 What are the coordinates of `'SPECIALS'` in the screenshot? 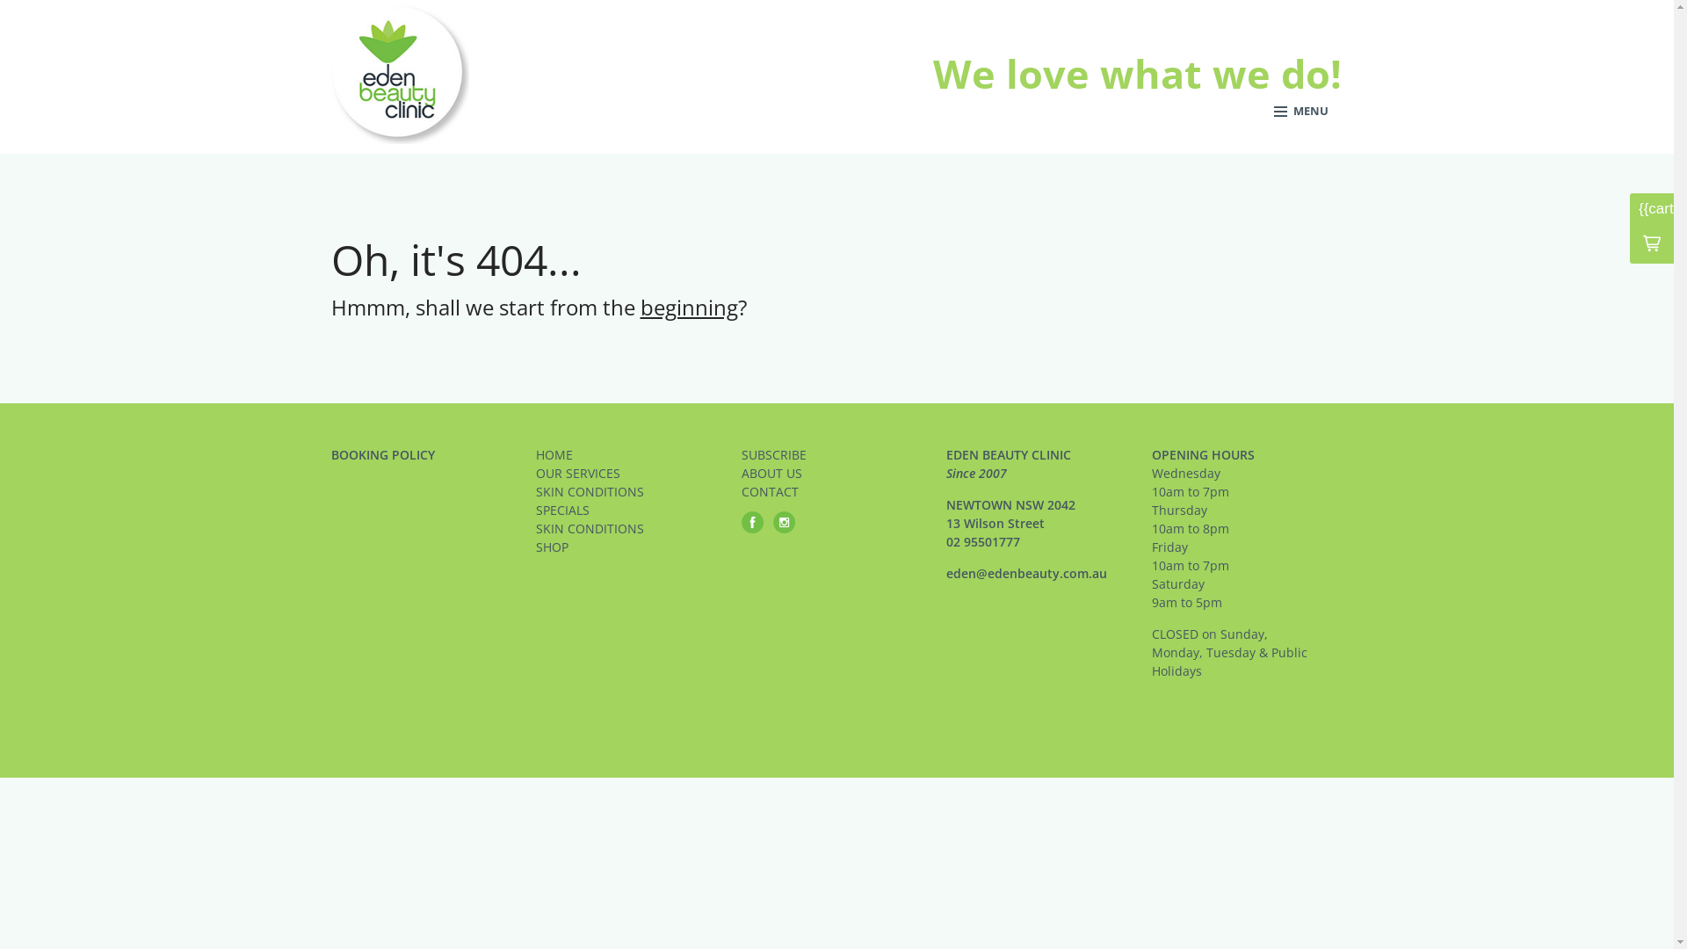 It's located at (534, 510).